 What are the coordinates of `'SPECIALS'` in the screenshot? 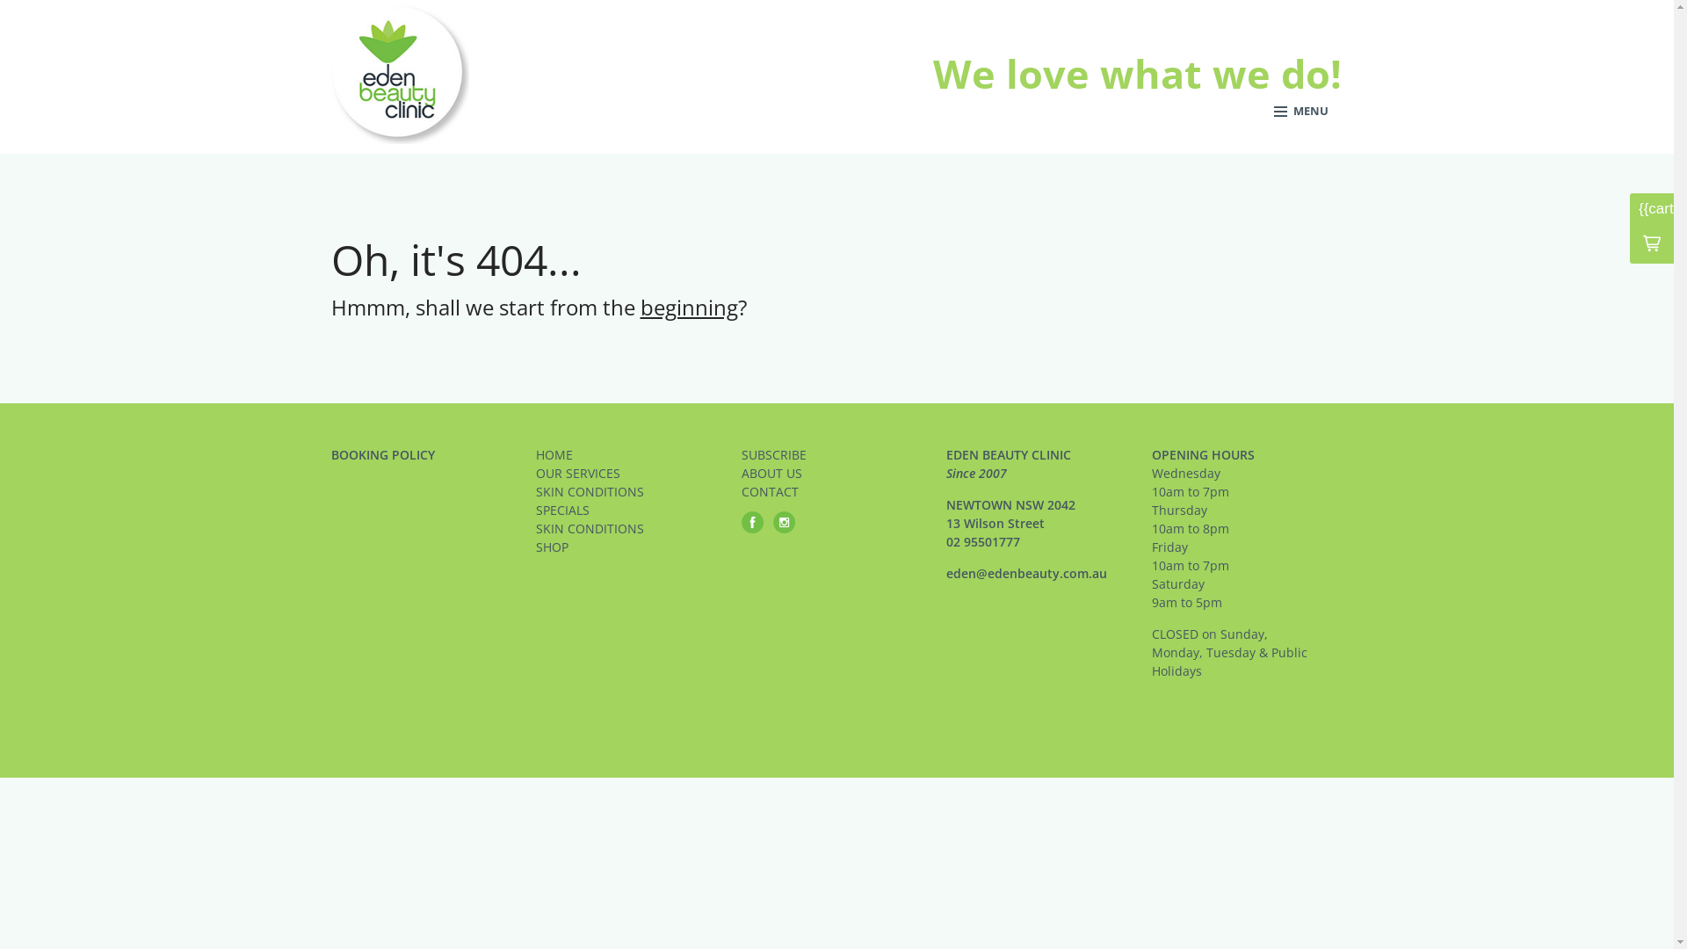 It's located at (534, 510).